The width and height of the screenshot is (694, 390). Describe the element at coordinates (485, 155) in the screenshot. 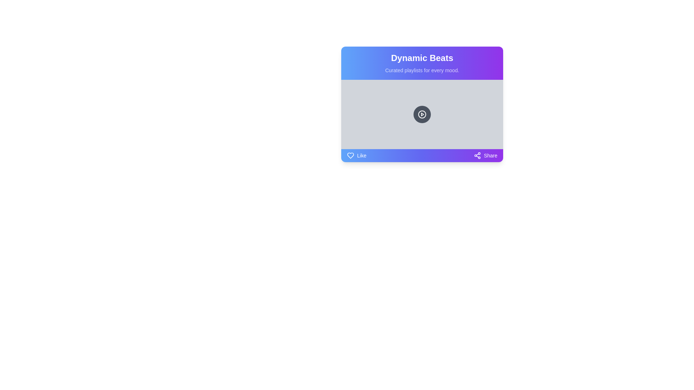

I see `the share button, which is the second button from the right in the button group located in the lower section of the card, to potentially reveal a tooltip or visual effect` at that location.